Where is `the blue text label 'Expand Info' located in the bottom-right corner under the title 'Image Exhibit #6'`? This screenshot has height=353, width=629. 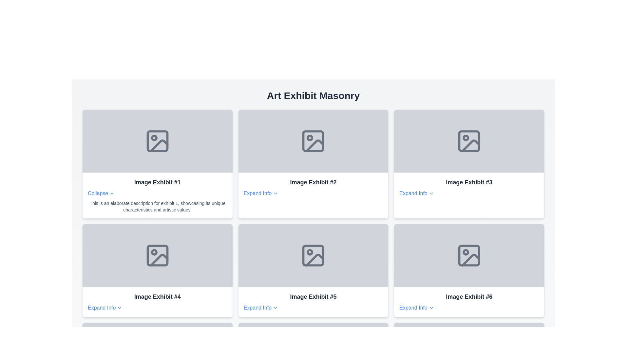 the blue text label 'Expand Info' located in the bottom-right corner under the title 'Image Exhibit #6' is located at coordinates (416, 308).